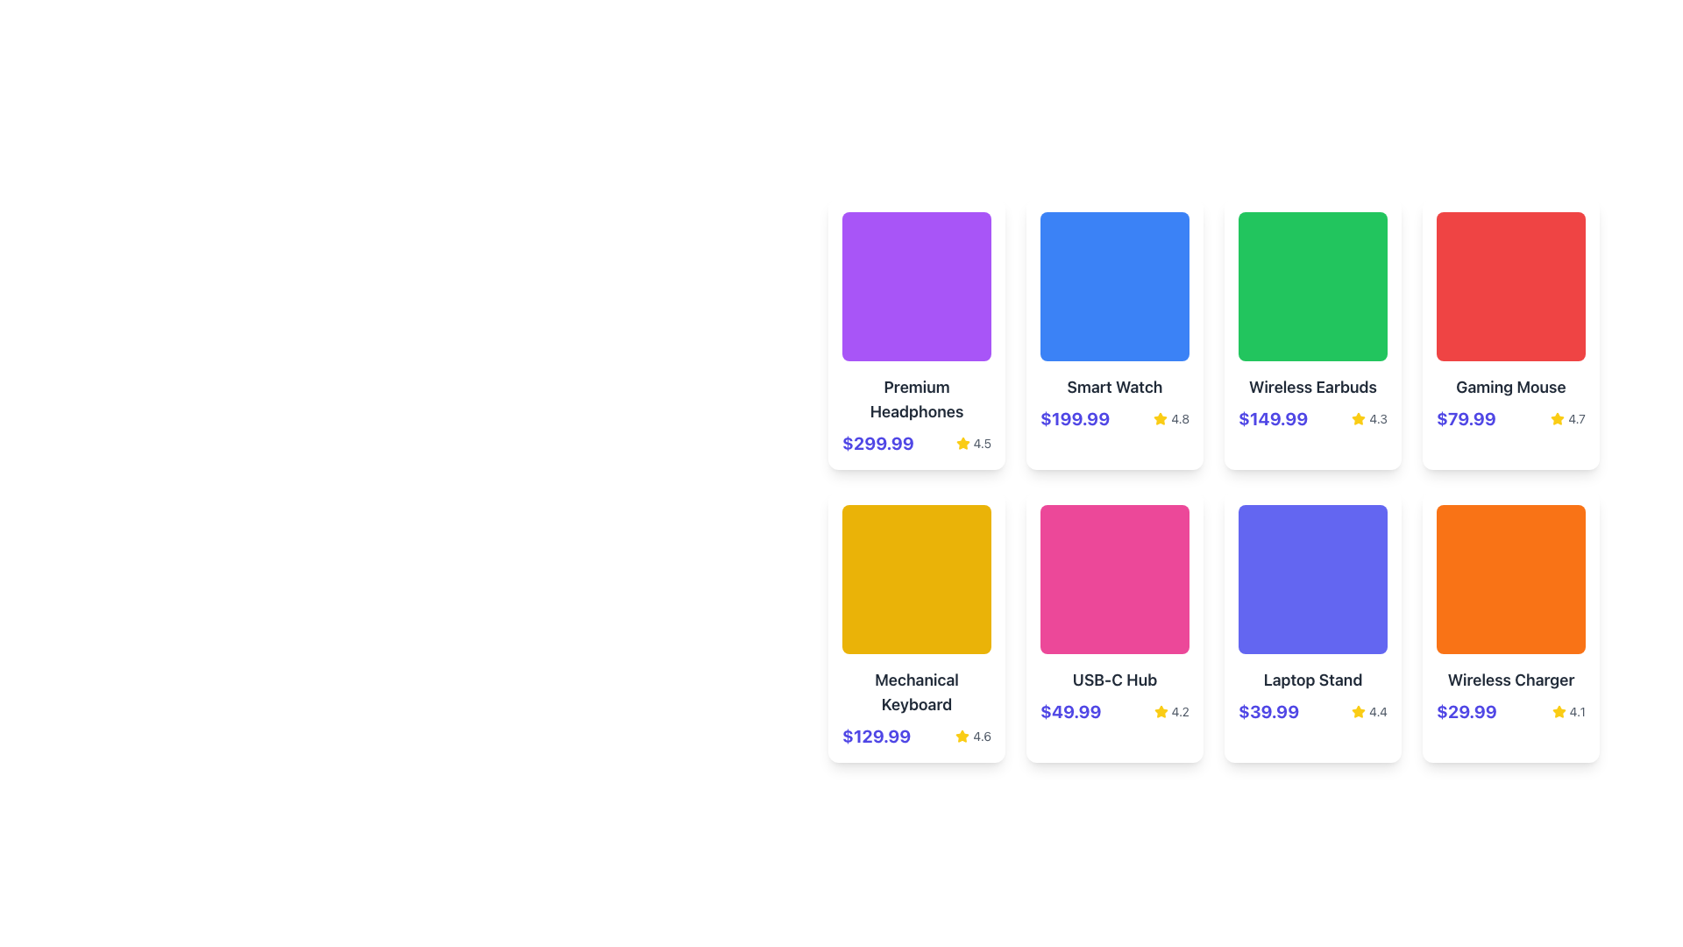 Image resolution: width=1683 pixels, height=947 pixels. Describe the element at coordinates (1358, 712) in the screenshot. I see `the star icon representing the product rating of '4.4' located below the 'Laptop Stand' title and price '$39.99' in the product card` at that location.